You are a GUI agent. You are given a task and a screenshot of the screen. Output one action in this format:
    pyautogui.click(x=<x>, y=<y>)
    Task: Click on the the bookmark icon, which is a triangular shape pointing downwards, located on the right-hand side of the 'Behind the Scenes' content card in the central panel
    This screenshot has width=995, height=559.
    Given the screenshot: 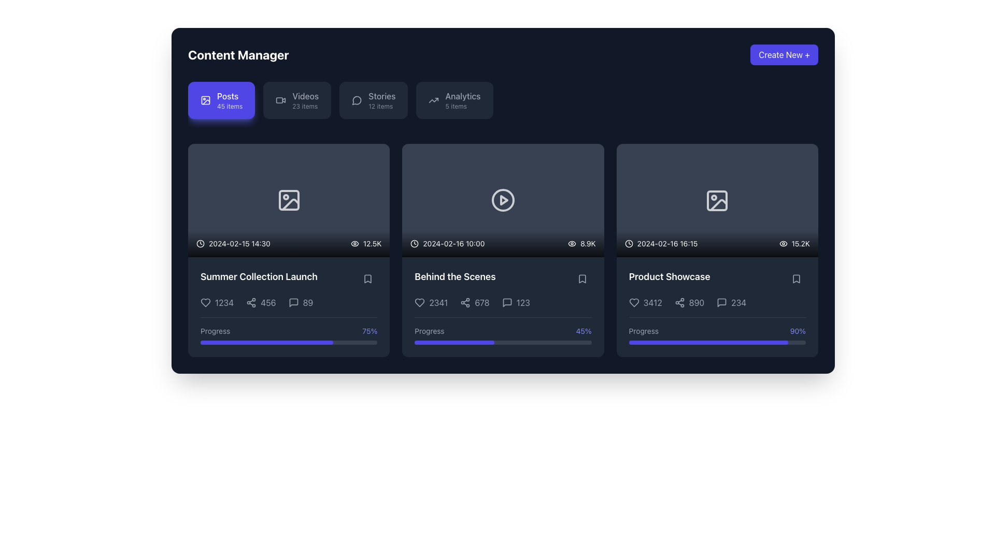 What is the action you would take?
    pyautogui.click(x=582, y=278)
    